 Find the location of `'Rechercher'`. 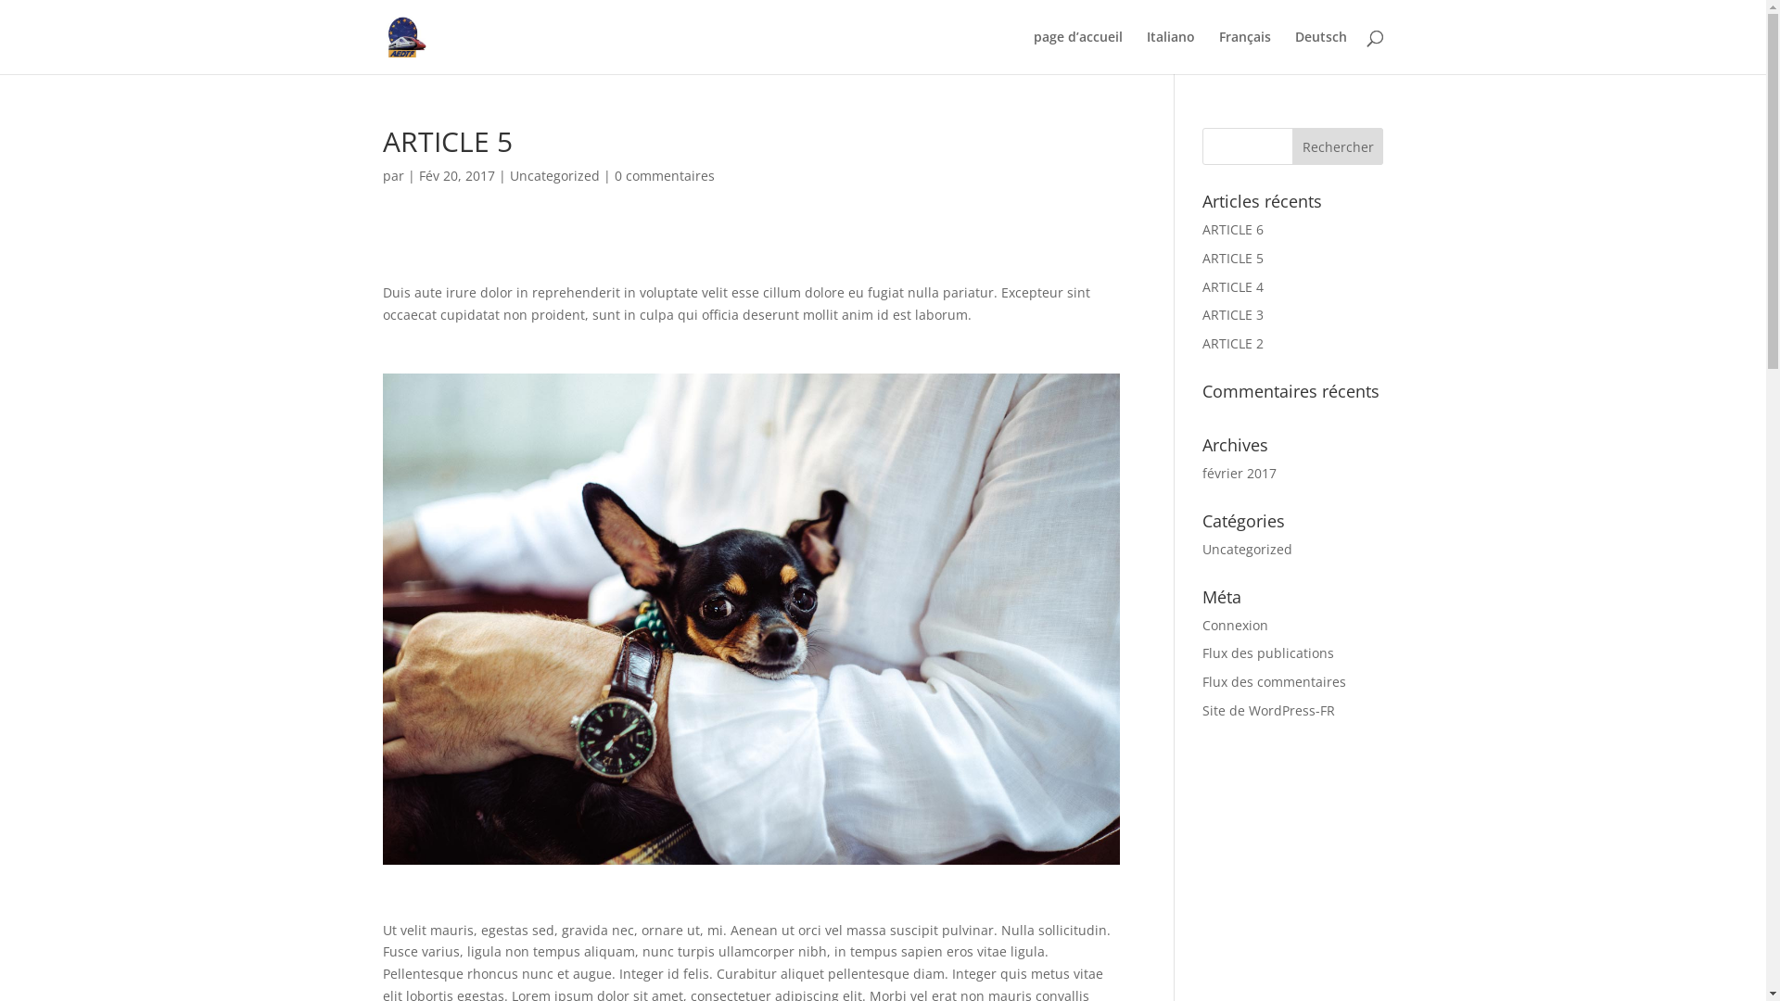

'Rechercher' is located at coordinates (1338, 146).